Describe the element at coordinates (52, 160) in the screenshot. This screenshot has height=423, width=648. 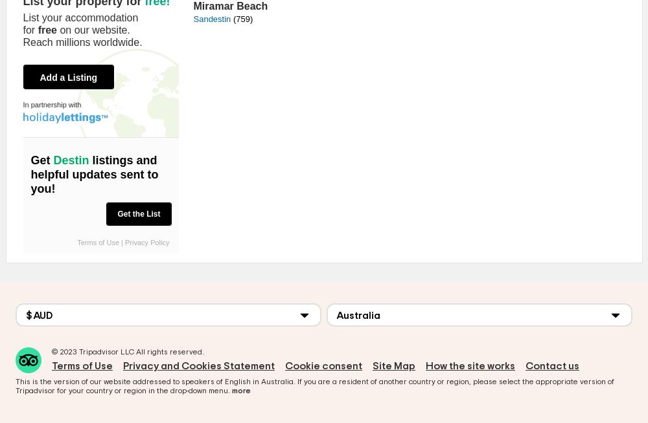
I see `'Destin'` at that location.